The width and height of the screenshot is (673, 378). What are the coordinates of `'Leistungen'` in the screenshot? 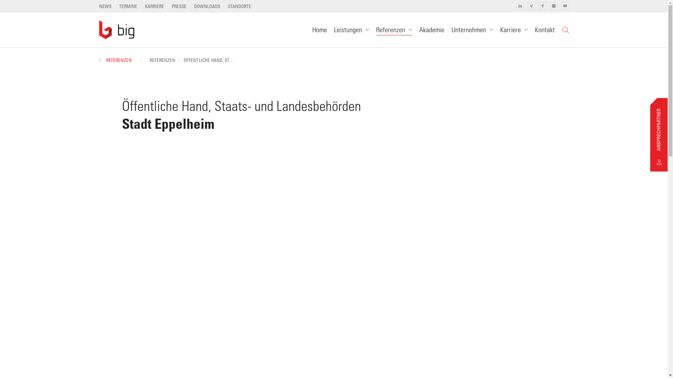 It's located at (351, 29).